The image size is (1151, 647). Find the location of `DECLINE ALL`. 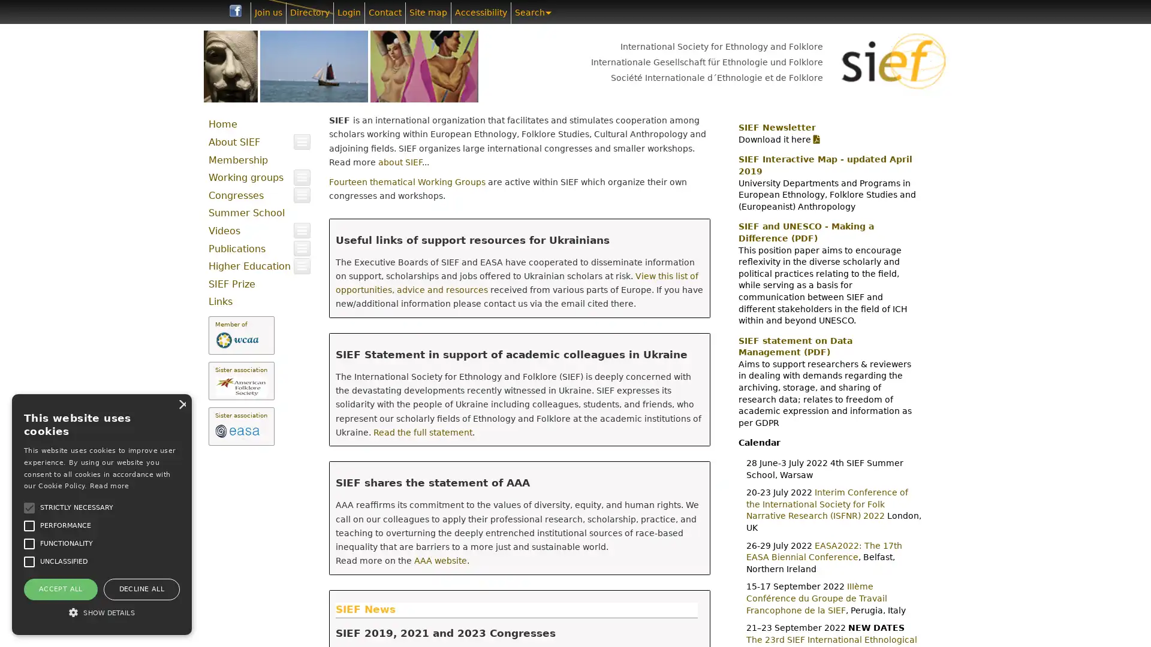

DECLINE ALL is located at coordinates (141, 588).